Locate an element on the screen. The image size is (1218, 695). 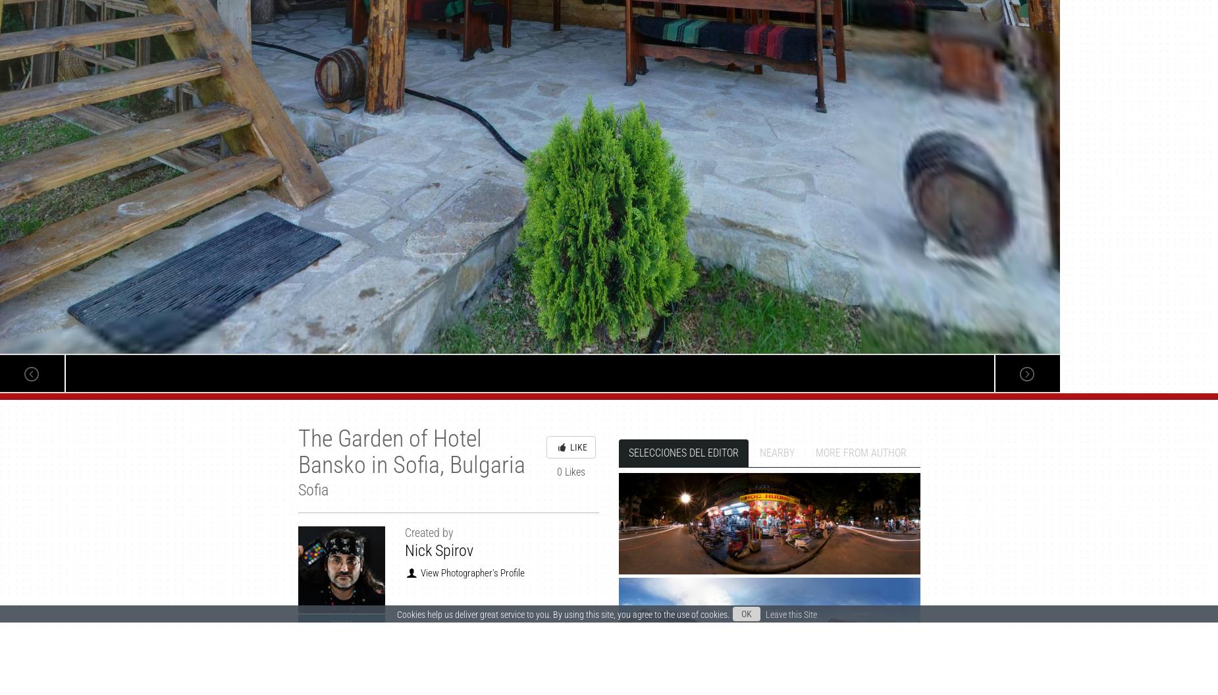
'LIKE' is located at coordinates (568, 446).